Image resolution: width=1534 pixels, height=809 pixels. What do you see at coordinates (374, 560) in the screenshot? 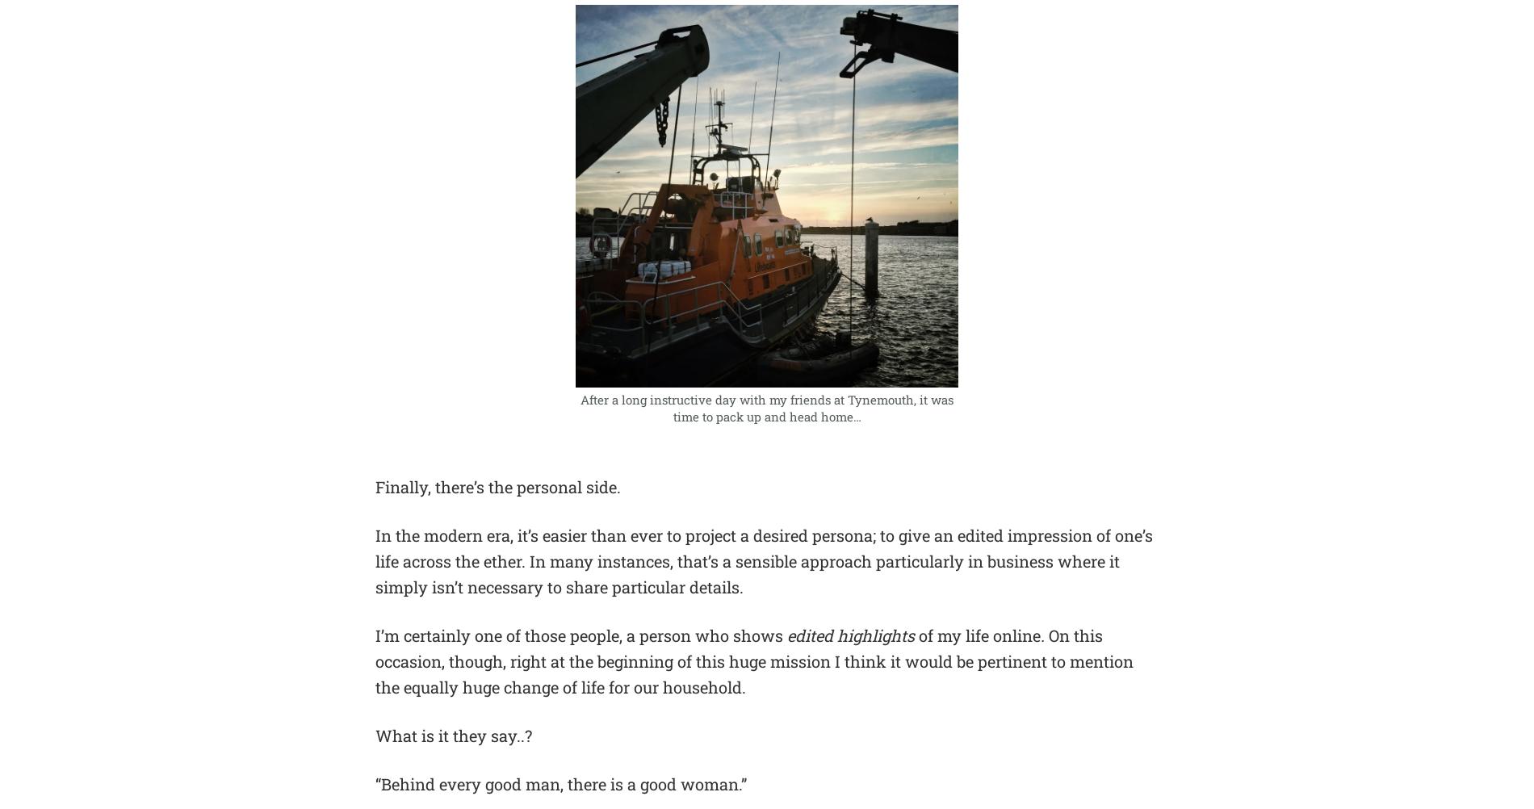
I see `'In the modern era, it’s easier than ever to project a desired persona; to give an edited impression of one’s life across the ether. In many instances, that’s a sensible approach particularly in business where it simply isn’t necessary to share particular details.'` at bounding box center [374, 560].